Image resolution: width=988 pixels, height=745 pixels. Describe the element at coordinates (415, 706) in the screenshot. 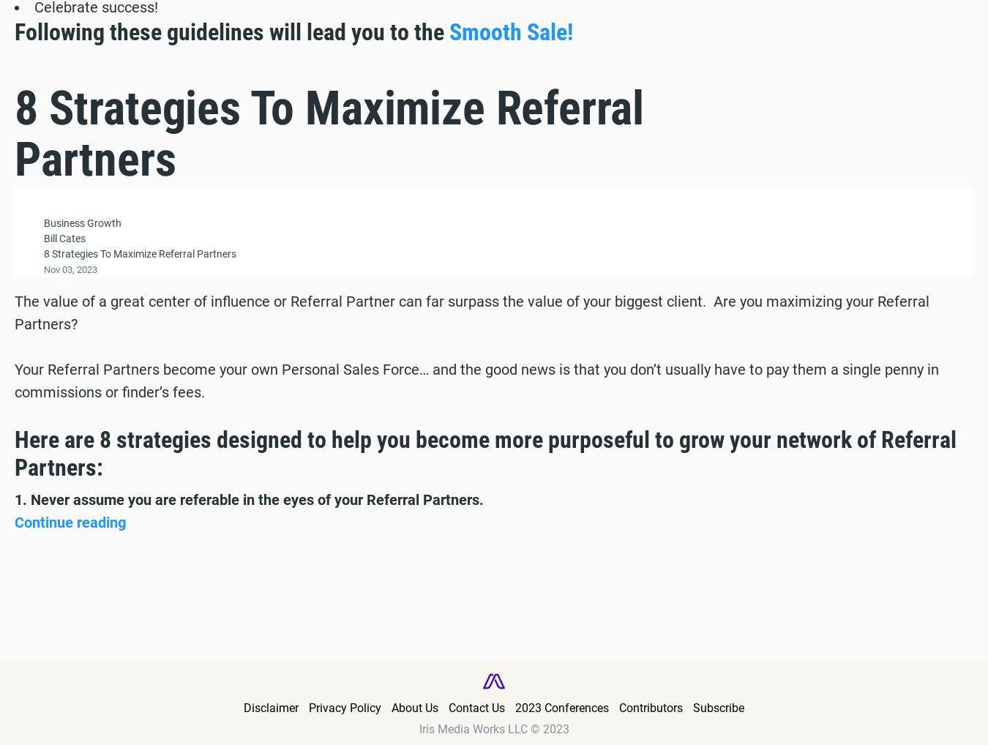

I see `'About Us'` at that location.